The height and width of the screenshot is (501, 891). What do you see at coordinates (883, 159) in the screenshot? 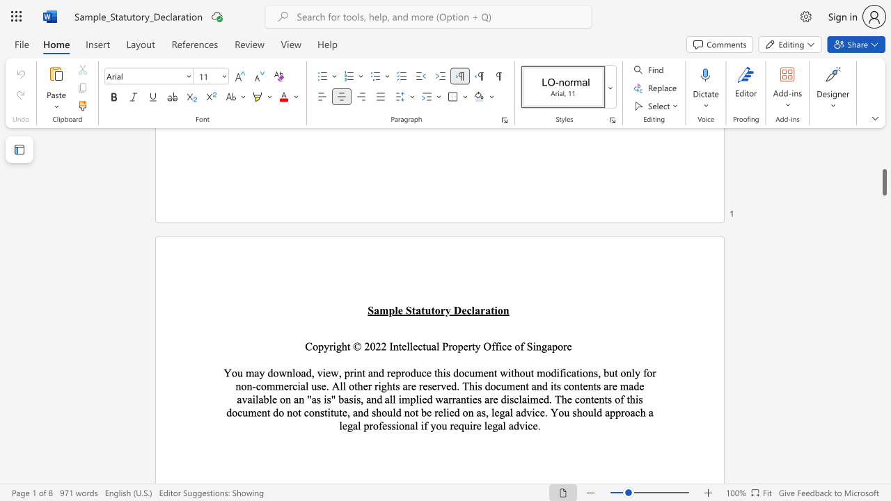
I see `the right-hand scrollbar to ascend the page` at bounding box center [883, 159].